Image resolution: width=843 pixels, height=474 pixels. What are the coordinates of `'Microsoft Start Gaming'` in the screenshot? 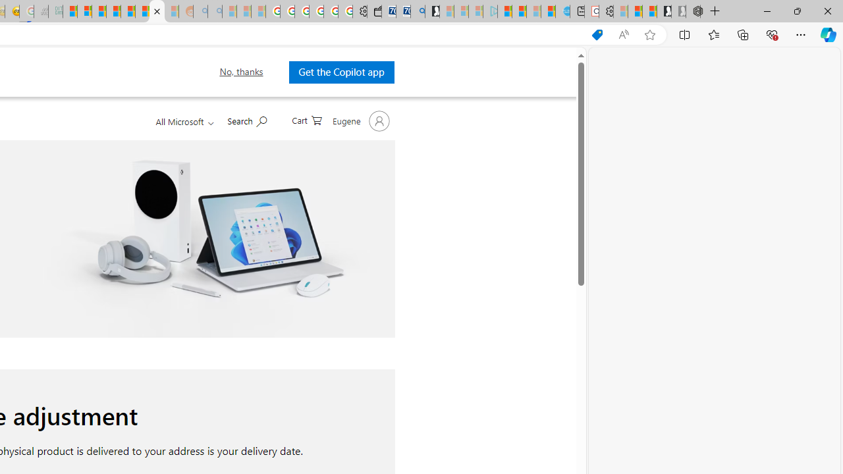 It's located at (432, 11).